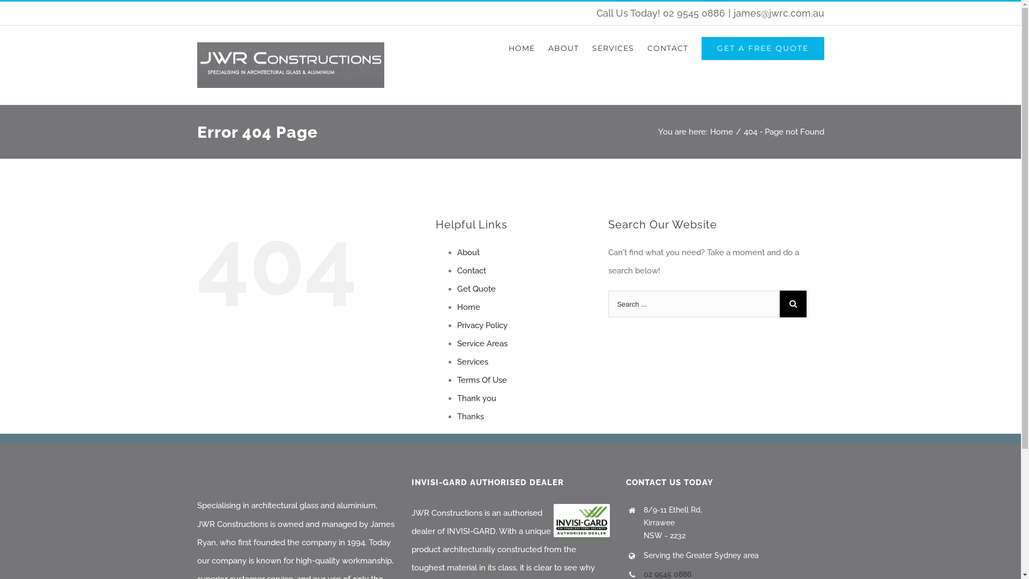  Describe the element at coordinates (481, 380) in the screenshot. I see `'Terms Of Use'` at that location.